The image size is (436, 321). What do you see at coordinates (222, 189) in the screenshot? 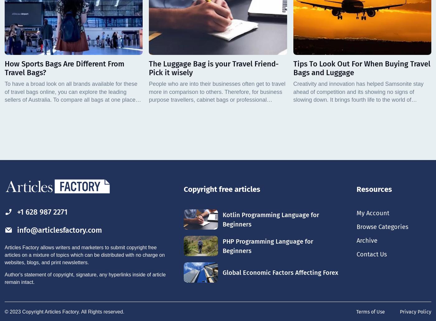
I see `'Copyright free articles'` at bounding box center [222, 189].